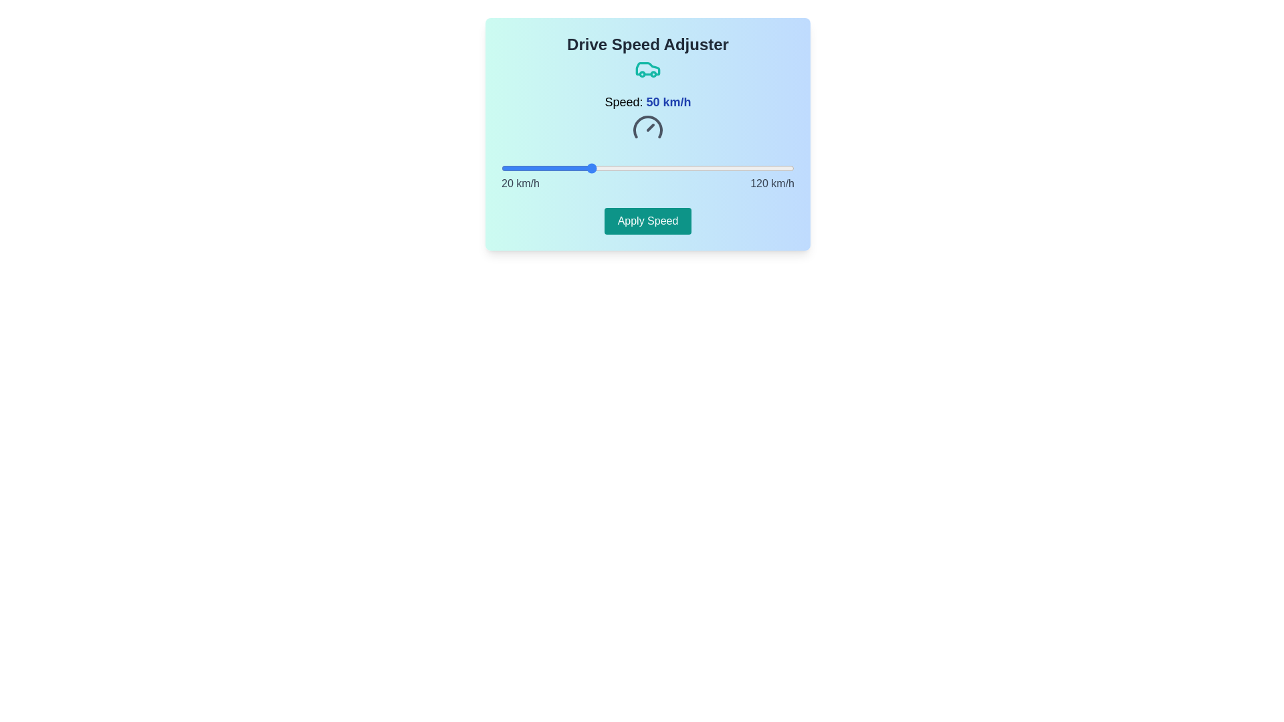 This screenshot has width=1284, height=722. I want to click on the speed slider to set the speed to 82 km/h, so click(683, 167).